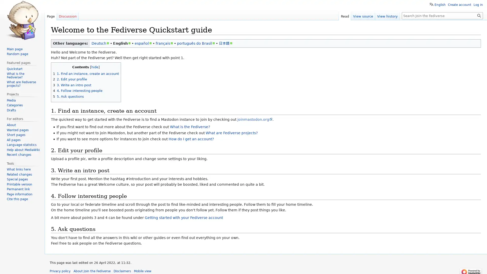  What do you see at coordinates (479, 15) in the screenshot?
I see `Search` at bounding box center [479, 15].